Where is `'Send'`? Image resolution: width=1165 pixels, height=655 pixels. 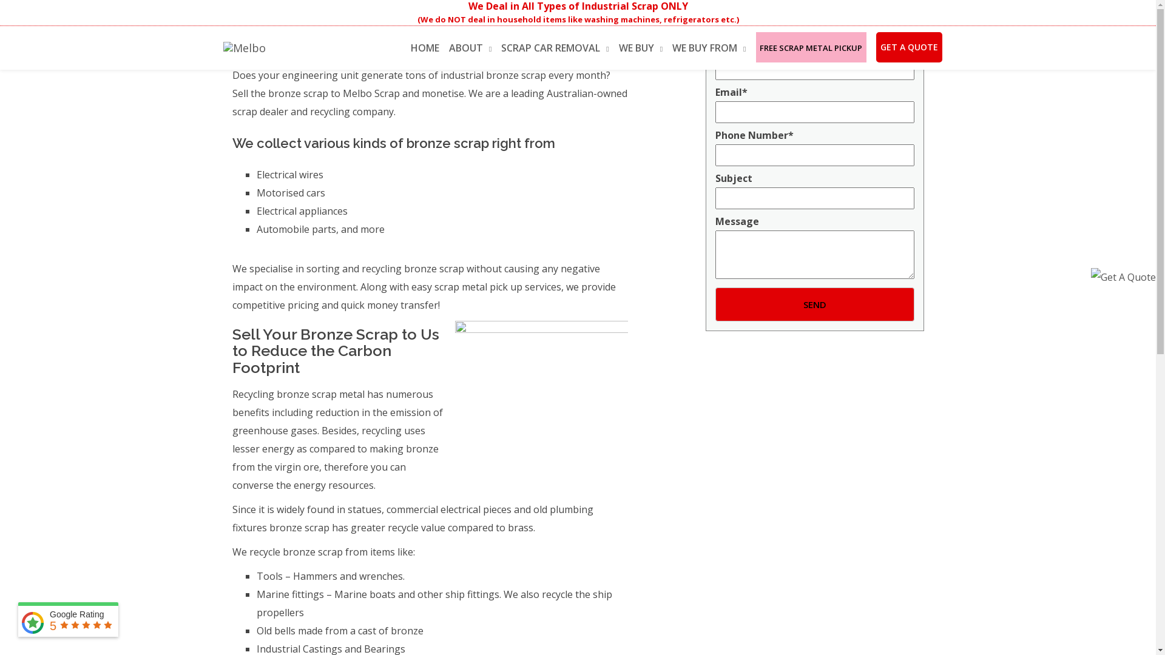
'Send' is located at coordinates (814, 303).